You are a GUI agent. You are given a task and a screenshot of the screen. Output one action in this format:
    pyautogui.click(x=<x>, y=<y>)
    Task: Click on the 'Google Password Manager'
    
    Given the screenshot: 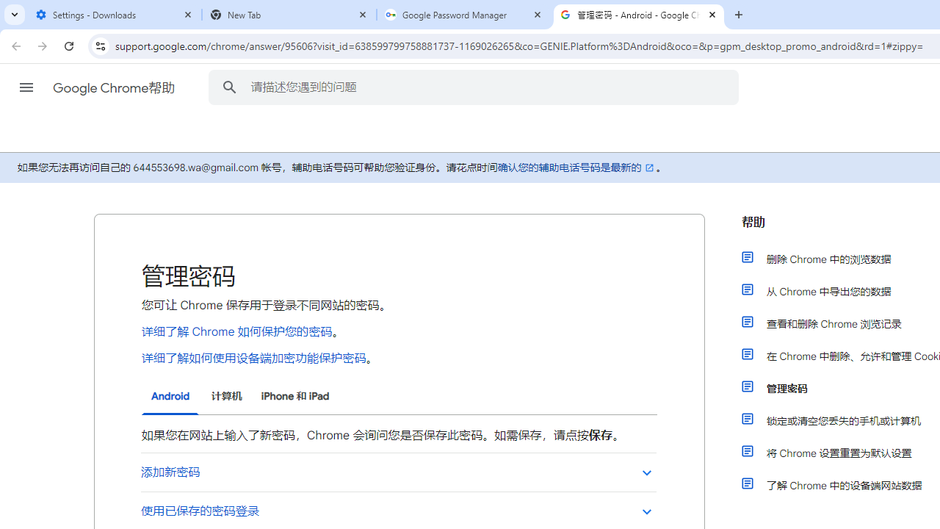 What is the action you would take?
    pyautogui.click(x=463, y=15)
    